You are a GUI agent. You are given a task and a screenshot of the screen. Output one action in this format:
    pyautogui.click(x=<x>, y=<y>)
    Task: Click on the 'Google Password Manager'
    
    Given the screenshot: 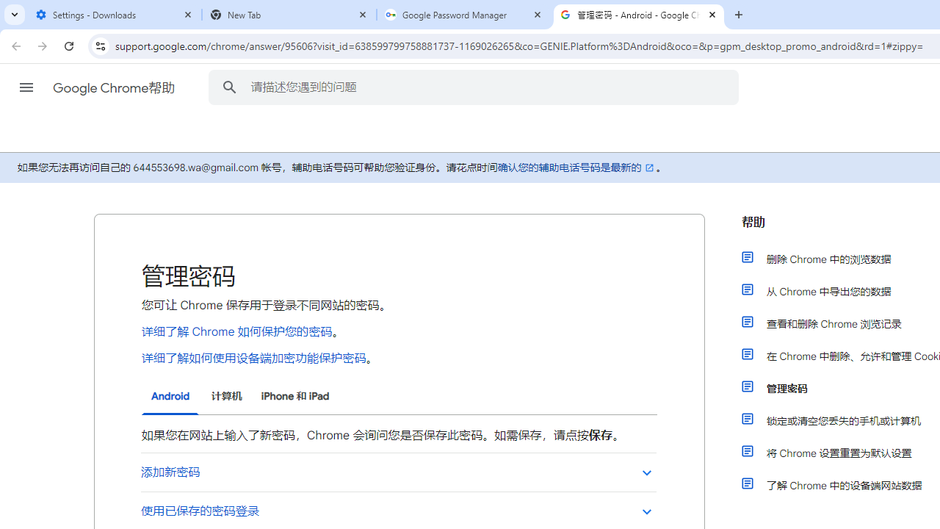 What is the action you would take?
    pyautogui.click(x=463, y=15)
    